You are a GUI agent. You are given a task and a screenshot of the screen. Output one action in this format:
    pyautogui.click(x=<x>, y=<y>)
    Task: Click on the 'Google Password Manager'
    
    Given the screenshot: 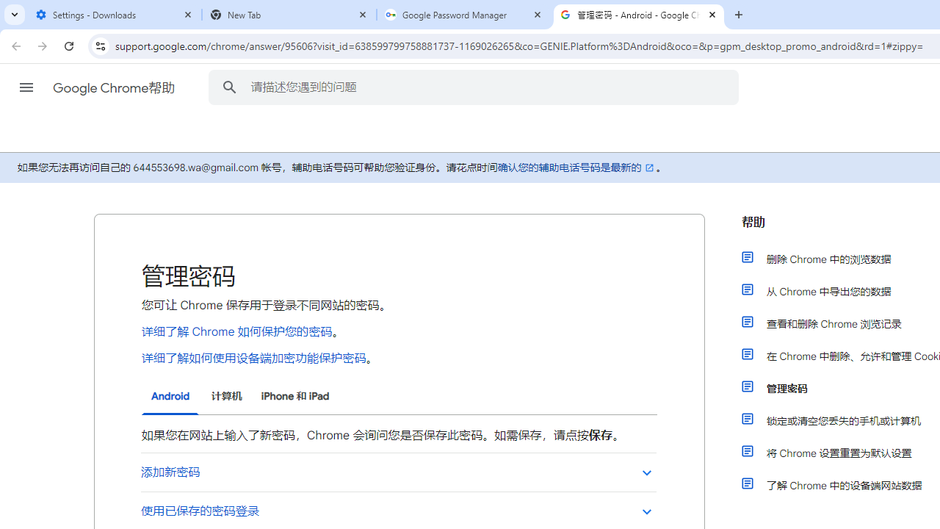 What is the action you would take?
    pyautogui.click(x=463, y=15)
    